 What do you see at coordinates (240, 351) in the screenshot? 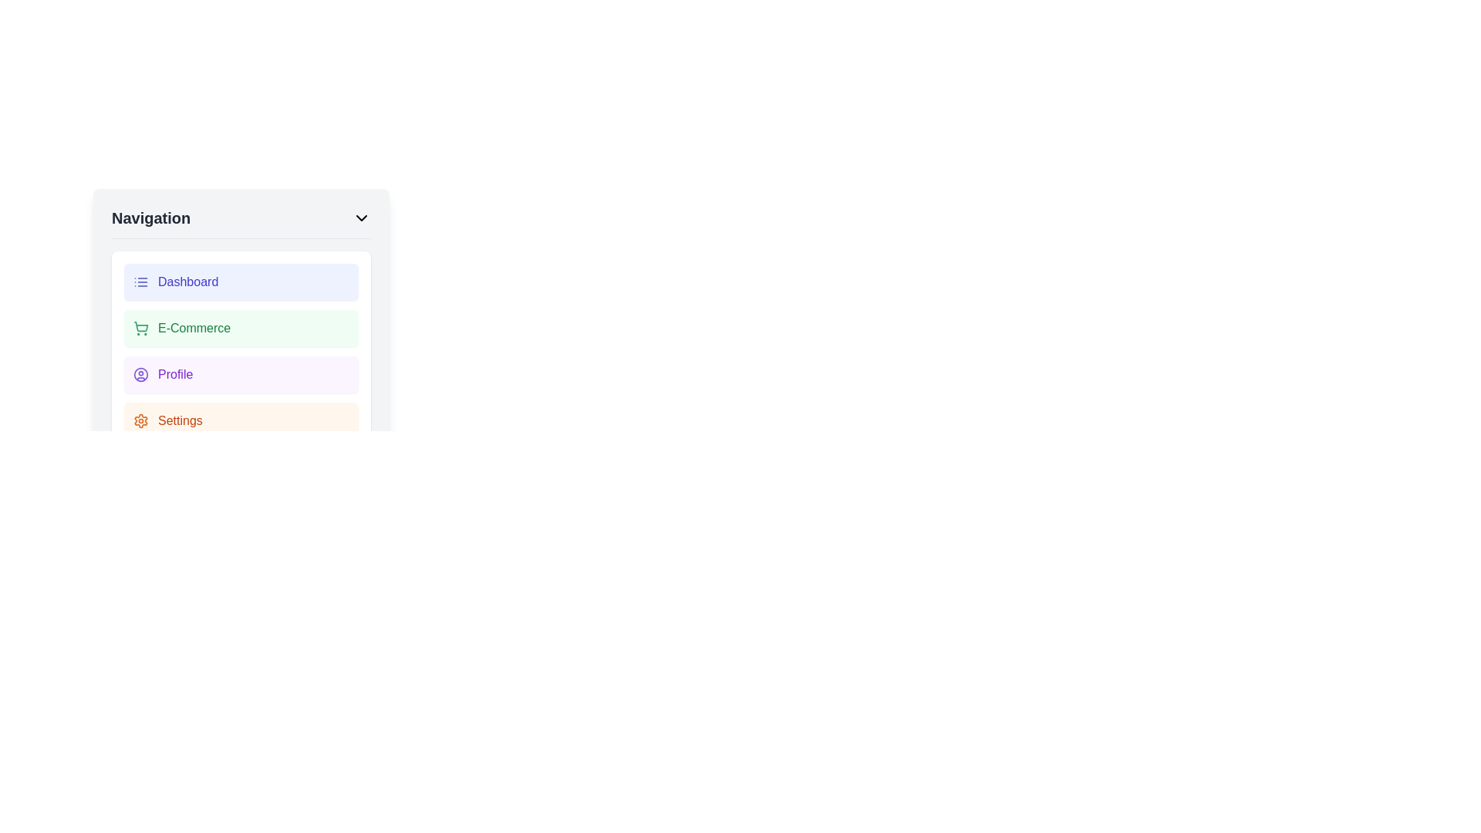
I see `the 'E-Commerce' button in the vertical navigation list` at bounding box center [240, 351].